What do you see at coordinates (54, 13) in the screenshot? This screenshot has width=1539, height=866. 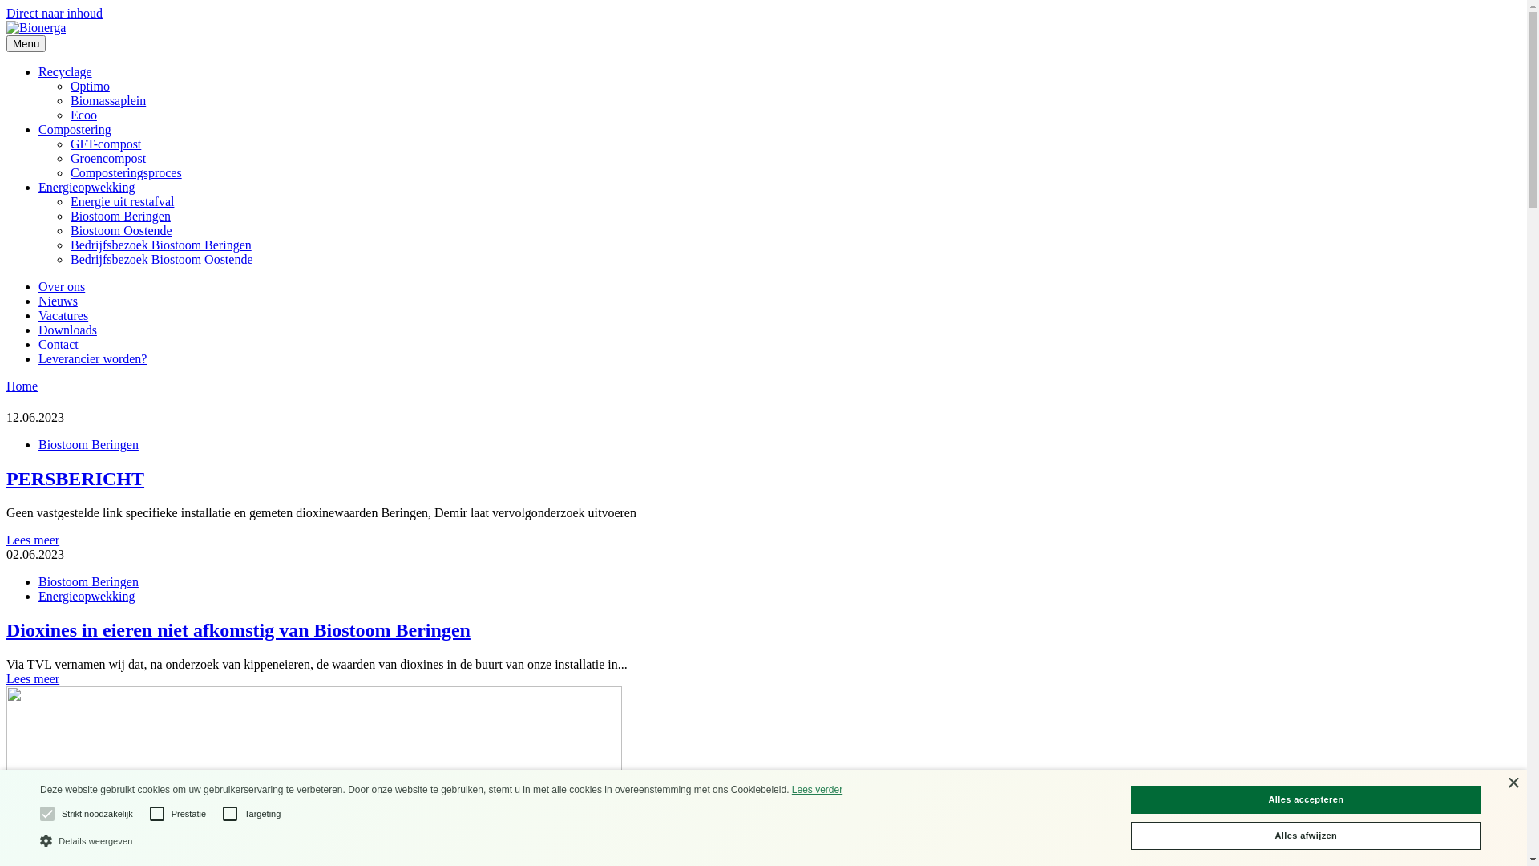 I see `'Direct naar inhoud'` at bounding box center [54, 13].